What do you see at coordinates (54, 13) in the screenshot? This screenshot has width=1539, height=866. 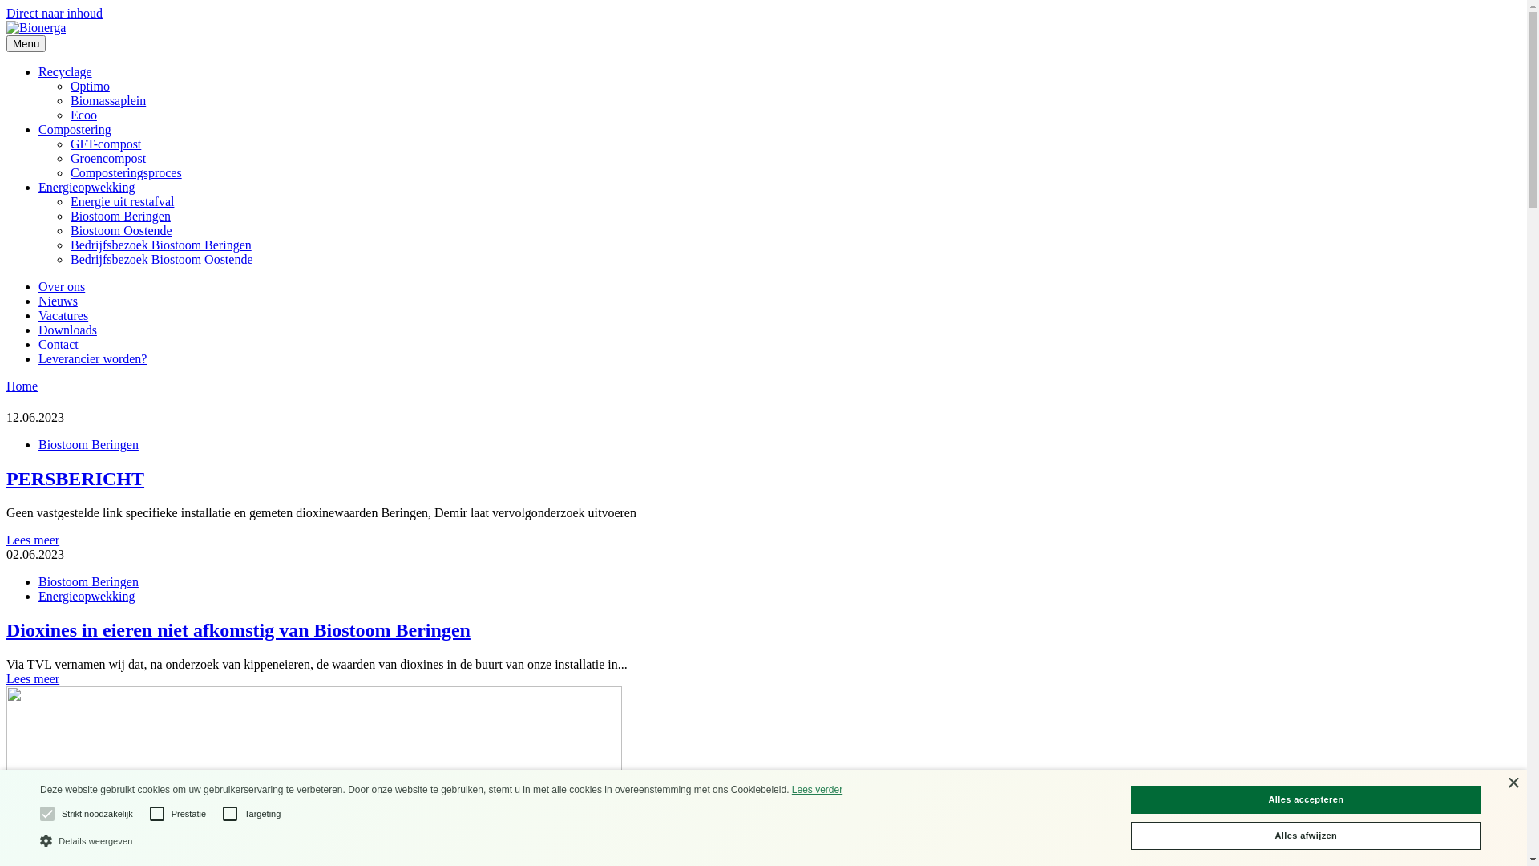 I see `'Direct naar inhoud'` at bounding box center [54, 13].